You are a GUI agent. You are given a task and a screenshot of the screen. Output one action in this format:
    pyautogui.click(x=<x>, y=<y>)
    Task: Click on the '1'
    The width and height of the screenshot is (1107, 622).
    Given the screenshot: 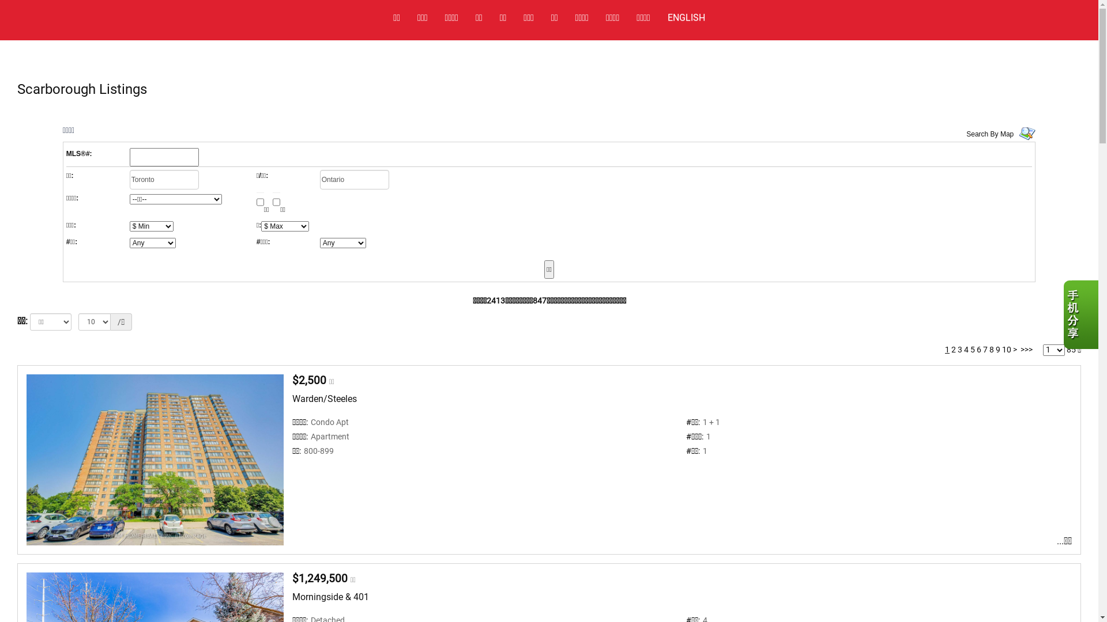 What is the action you would take?
    pyautogui.click(x=947, y=348)
    